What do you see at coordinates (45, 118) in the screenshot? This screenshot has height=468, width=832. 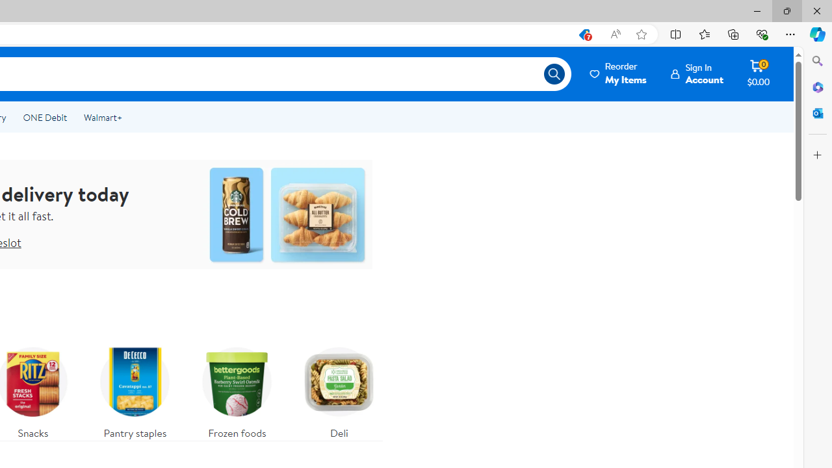 I see `'ONE Debit'` at bounding box center [45, 118].